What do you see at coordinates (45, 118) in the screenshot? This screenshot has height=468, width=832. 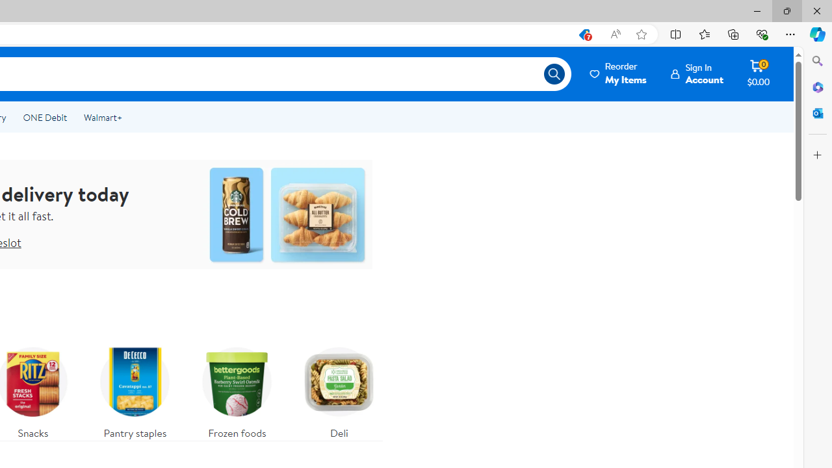 I see `'ONE Debit'` at bounding box center [45, 118].